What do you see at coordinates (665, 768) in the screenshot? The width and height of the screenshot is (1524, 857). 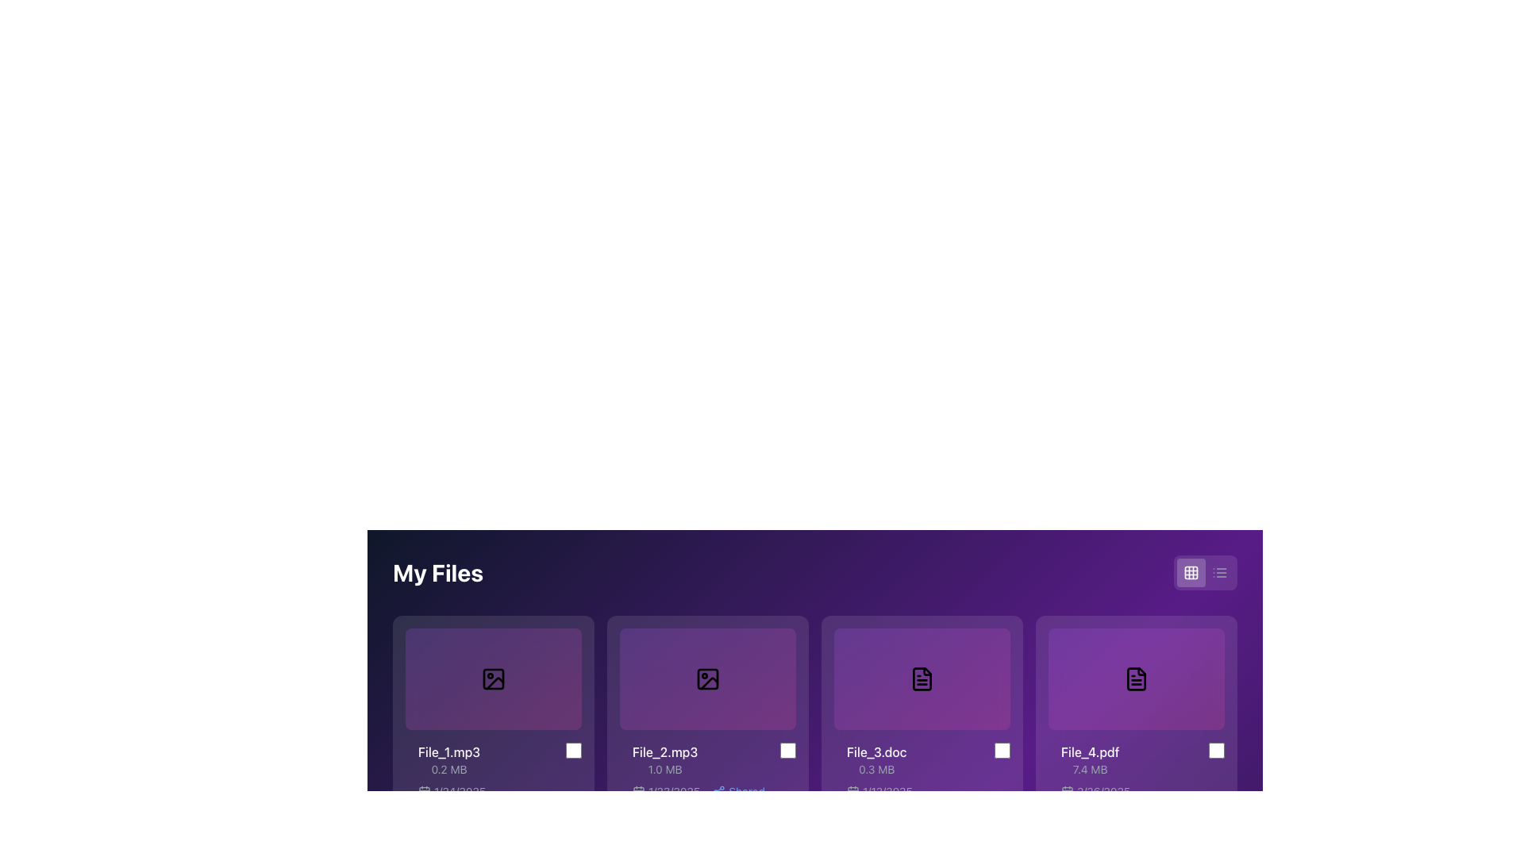 I see `the text label displaying '1.0 MB' which is located underneath the 'File_2.mp3' title in the file information block` at bounding box center [665, 768].